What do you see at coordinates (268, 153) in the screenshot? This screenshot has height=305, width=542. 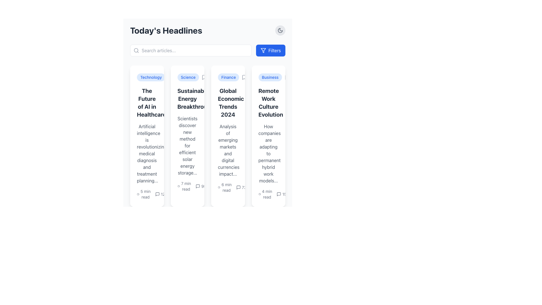 I see `the text label displaying 'How companies are adapting to permanent hybrid work models...' which is located below the title 'Remote Work Culture Evolution' in the fourth column of a horizontally scrolling list of cards` at bounding box center [268, 153].